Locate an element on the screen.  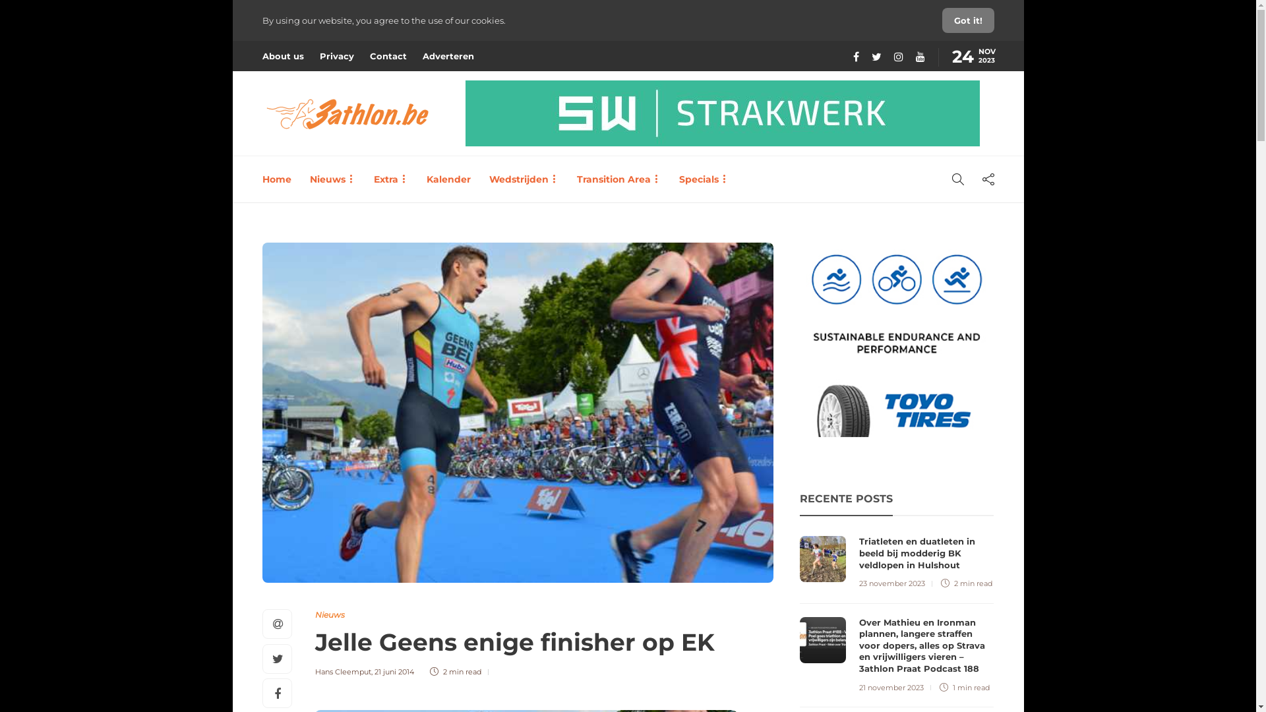
'23 november 2023' is located at coordinates (859, 582).